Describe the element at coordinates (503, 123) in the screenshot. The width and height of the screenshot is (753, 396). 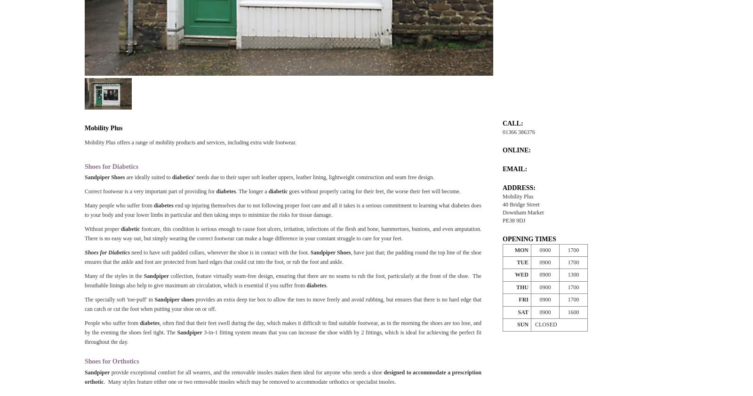
I see `'call:'` at that location.